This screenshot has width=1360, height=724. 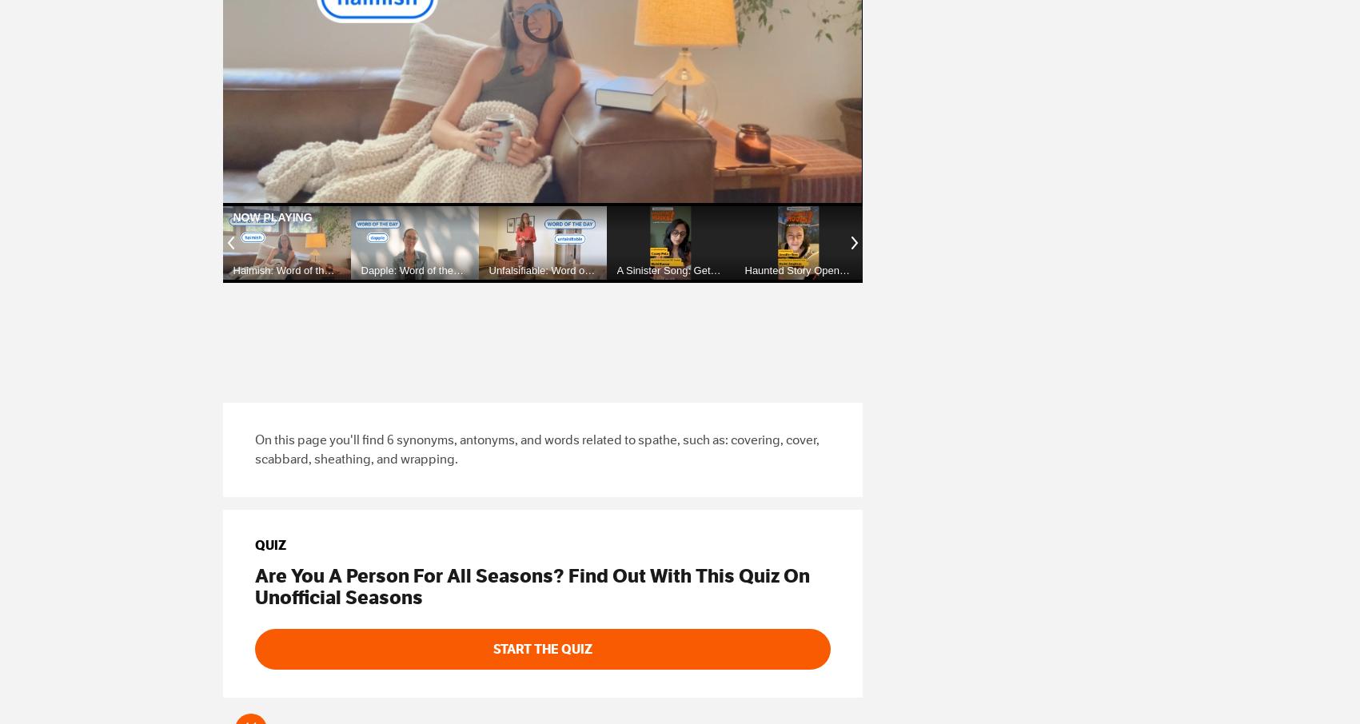 I want to click on 'A Sinister Song: Get Creeped Out By This Haunting Story Opener!', so click(x=664, y=288).